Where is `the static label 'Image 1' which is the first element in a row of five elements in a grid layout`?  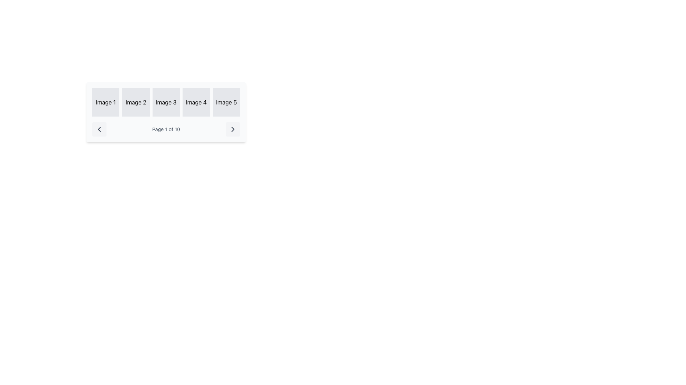 the static label 'Image 1' which is the first element in a row of five elements in a grid layout is located at coordinates (105, 102).